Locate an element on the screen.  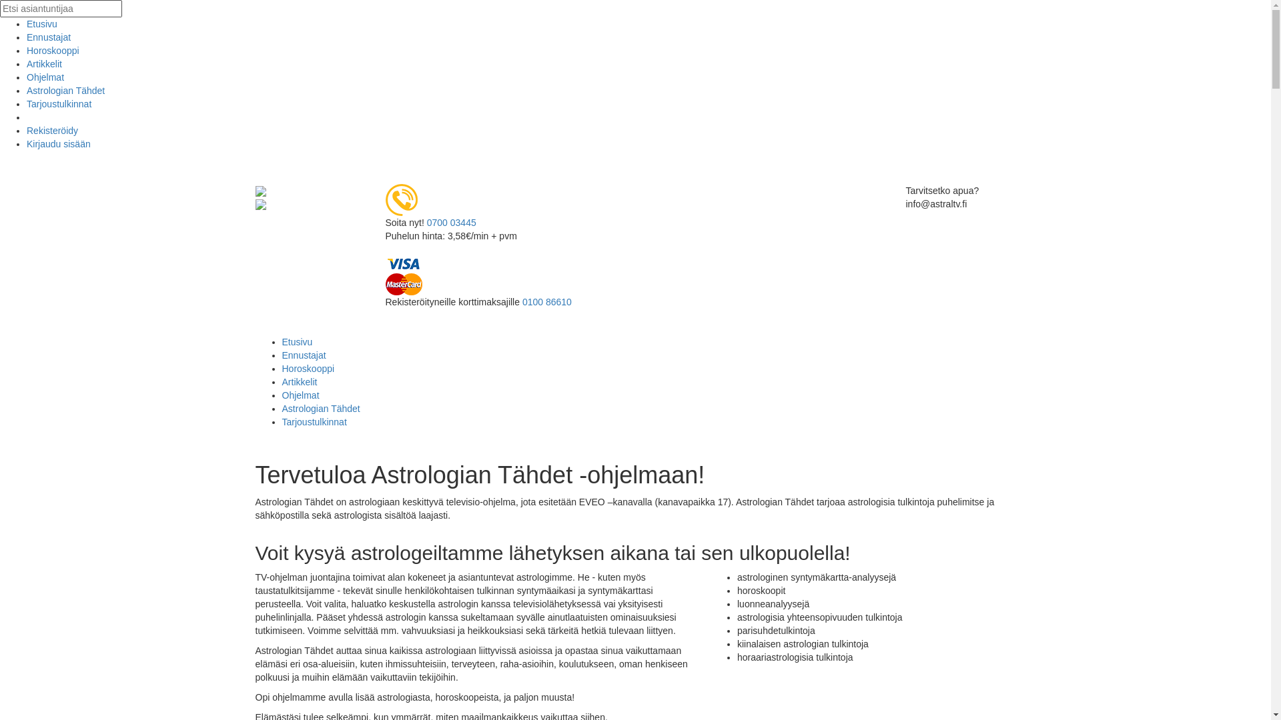
'Ohjelmat' is located at coordinates (281, 395).